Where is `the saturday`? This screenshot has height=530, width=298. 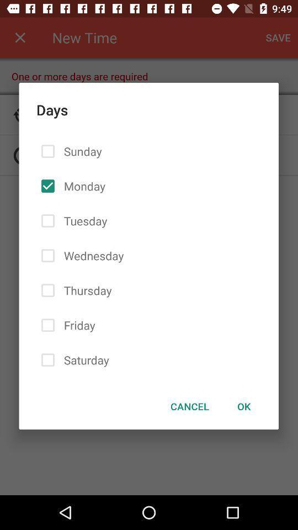 the saturday is located at coordinates (83, 359).